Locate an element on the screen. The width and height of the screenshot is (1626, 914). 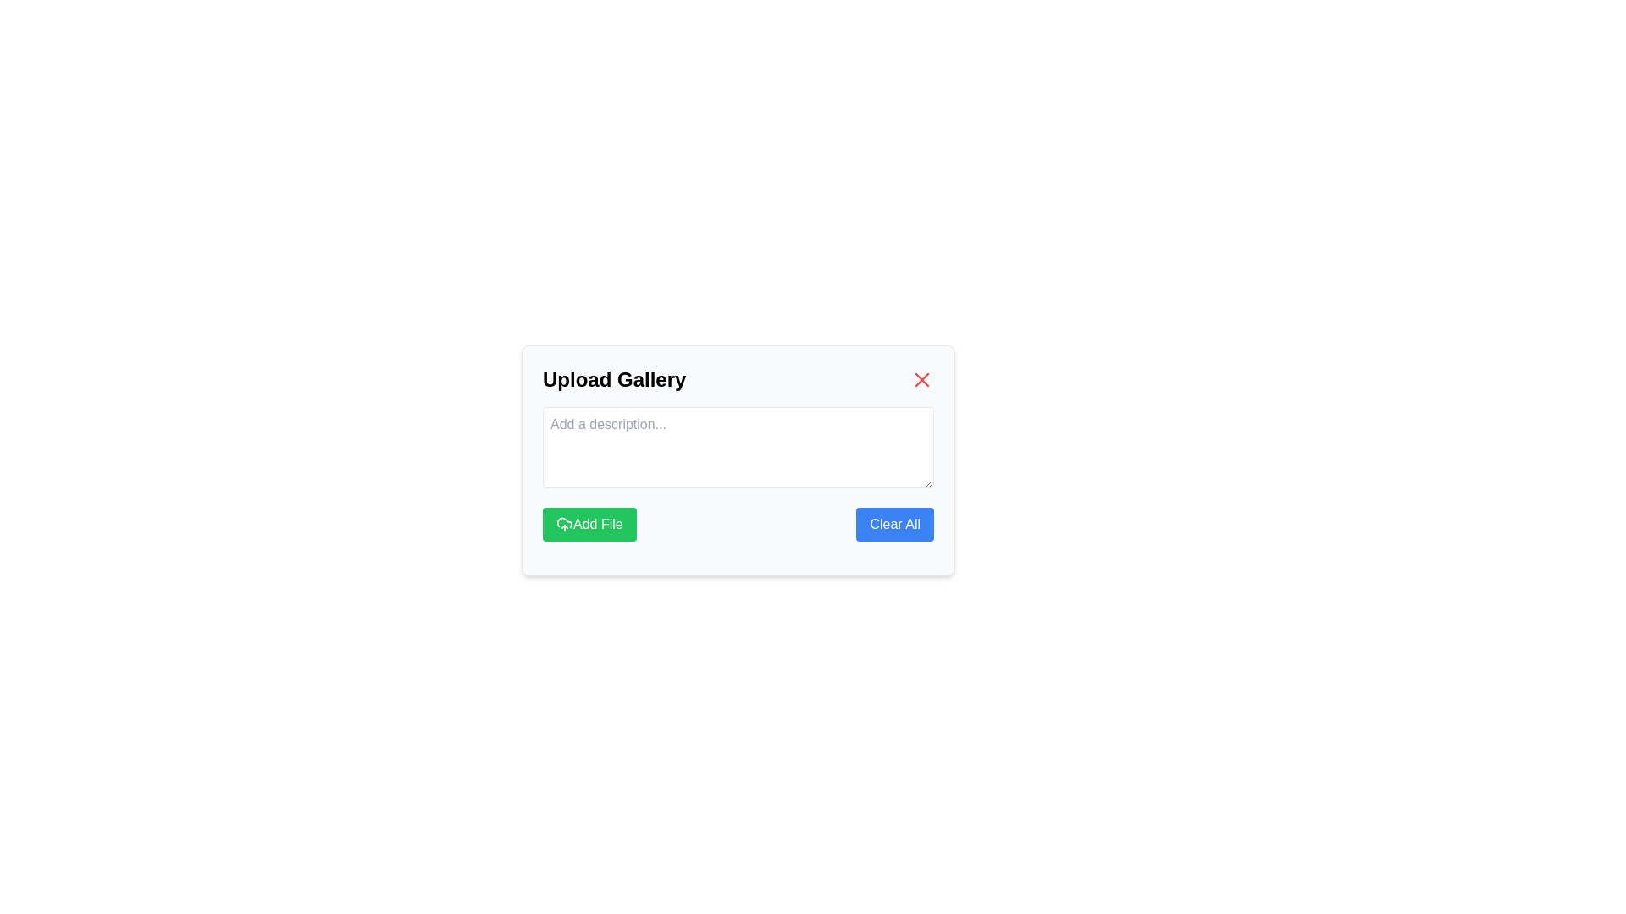
the 'Clear All' button, which is a rectangular button with a blue background and white text, located in the bottom-right corner of the pop-up modal is located at coordinates (894, 524).